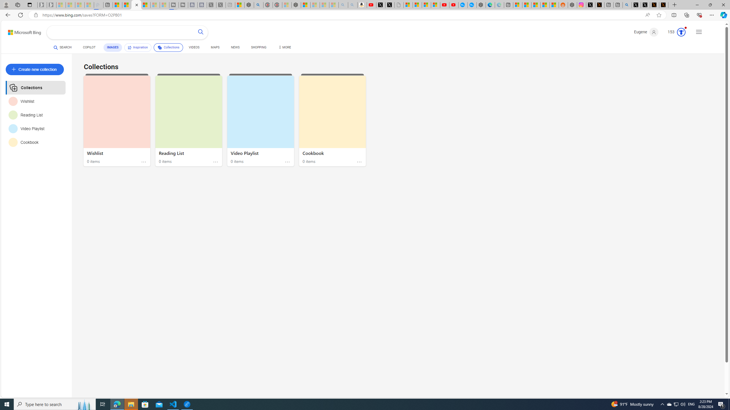  I want to click on 'COPILOT', so click(89, 48).